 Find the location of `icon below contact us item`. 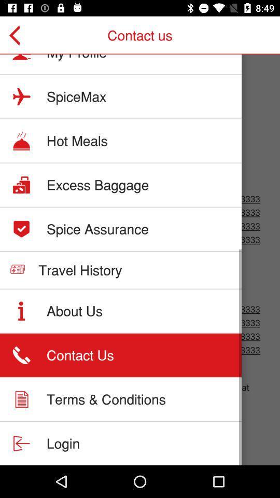

icon below contact us item is located at coordinates (76, 57).